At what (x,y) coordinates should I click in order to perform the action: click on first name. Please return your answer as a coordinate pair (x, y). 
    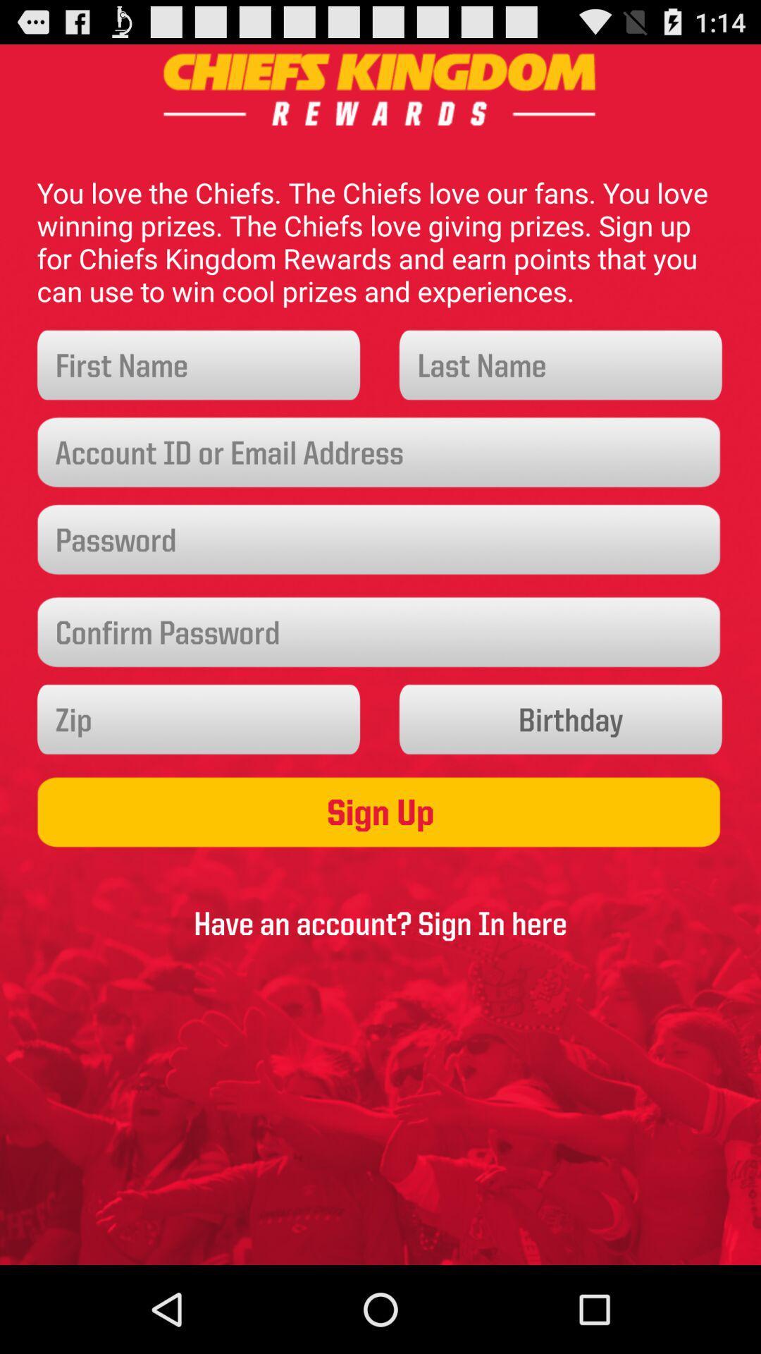
    Looking at the image, I should click on (199, 365).